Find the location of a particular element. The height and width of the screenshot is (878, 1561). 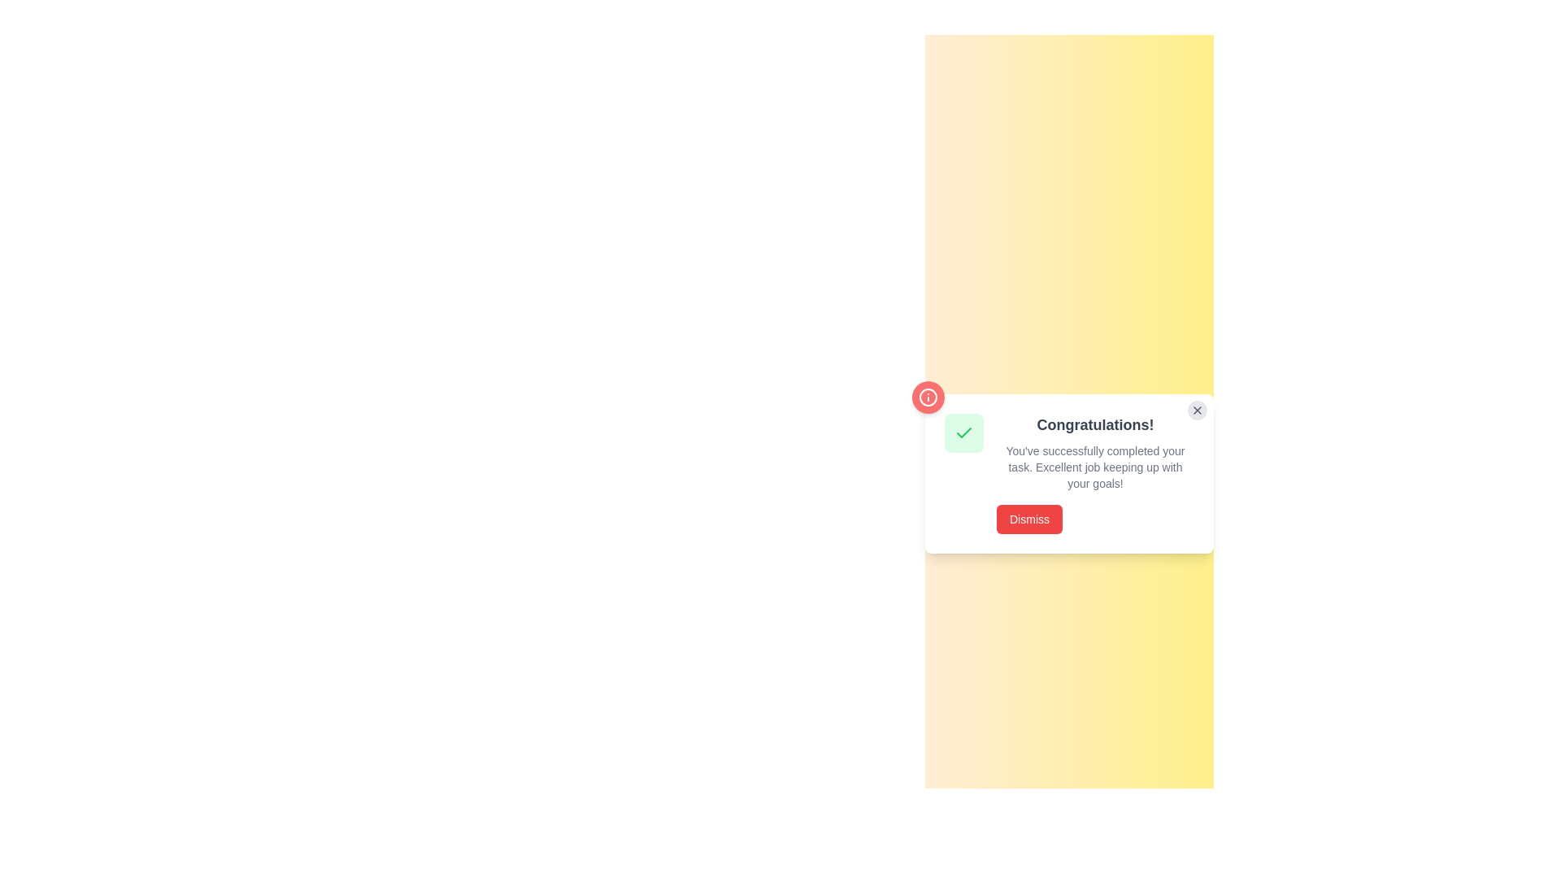

the dismiss button located at the bottom-left of the notification box is located at coordinates (1095, 519).